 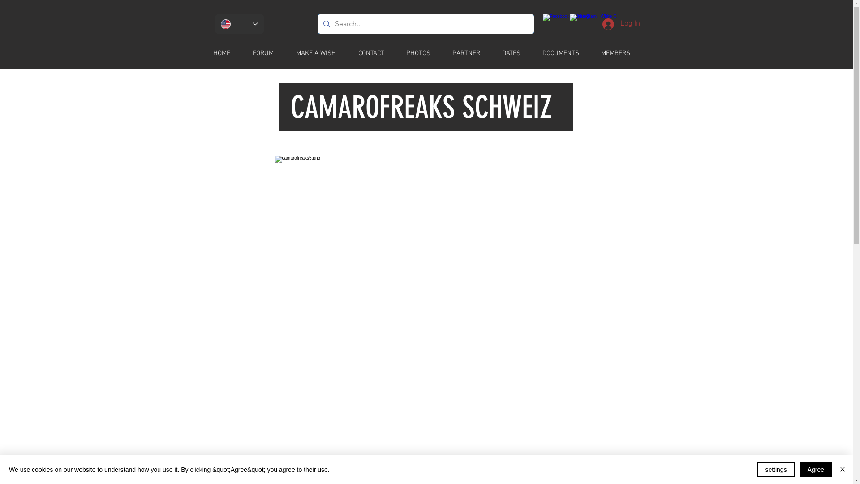 What do you see at coordinates (516, 53) in the screenshot?
I see `'DATES'` at bounding box center [516, 53].